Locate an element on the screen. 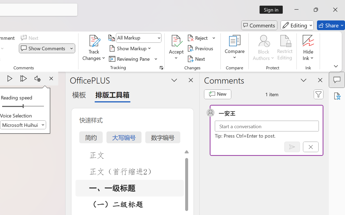  'Show Comments' is located at coordinates (47, 48).